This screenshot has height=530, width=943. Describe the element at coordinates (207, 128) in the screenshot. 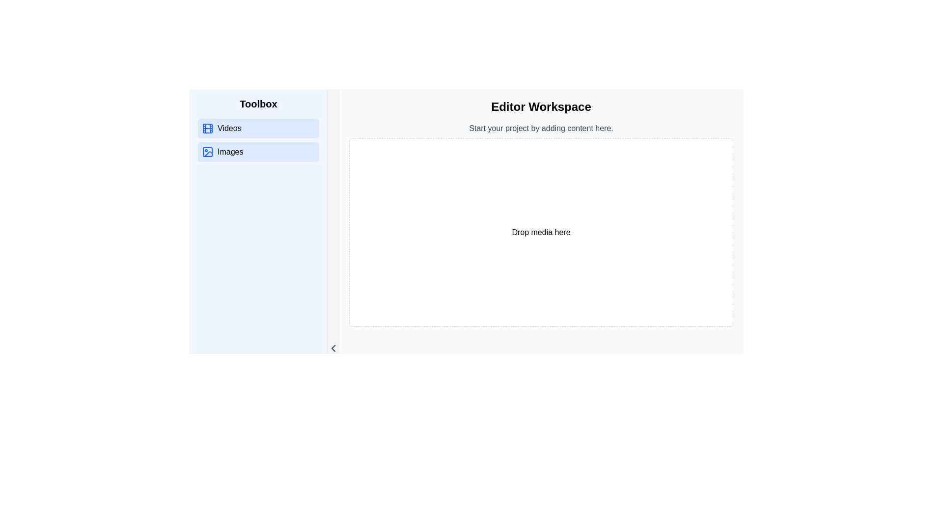

I see `the decorative rectangle icon representing 'Videos' in the left-hand navigation toolbox, positioned above the 'Images' icon` at that location.